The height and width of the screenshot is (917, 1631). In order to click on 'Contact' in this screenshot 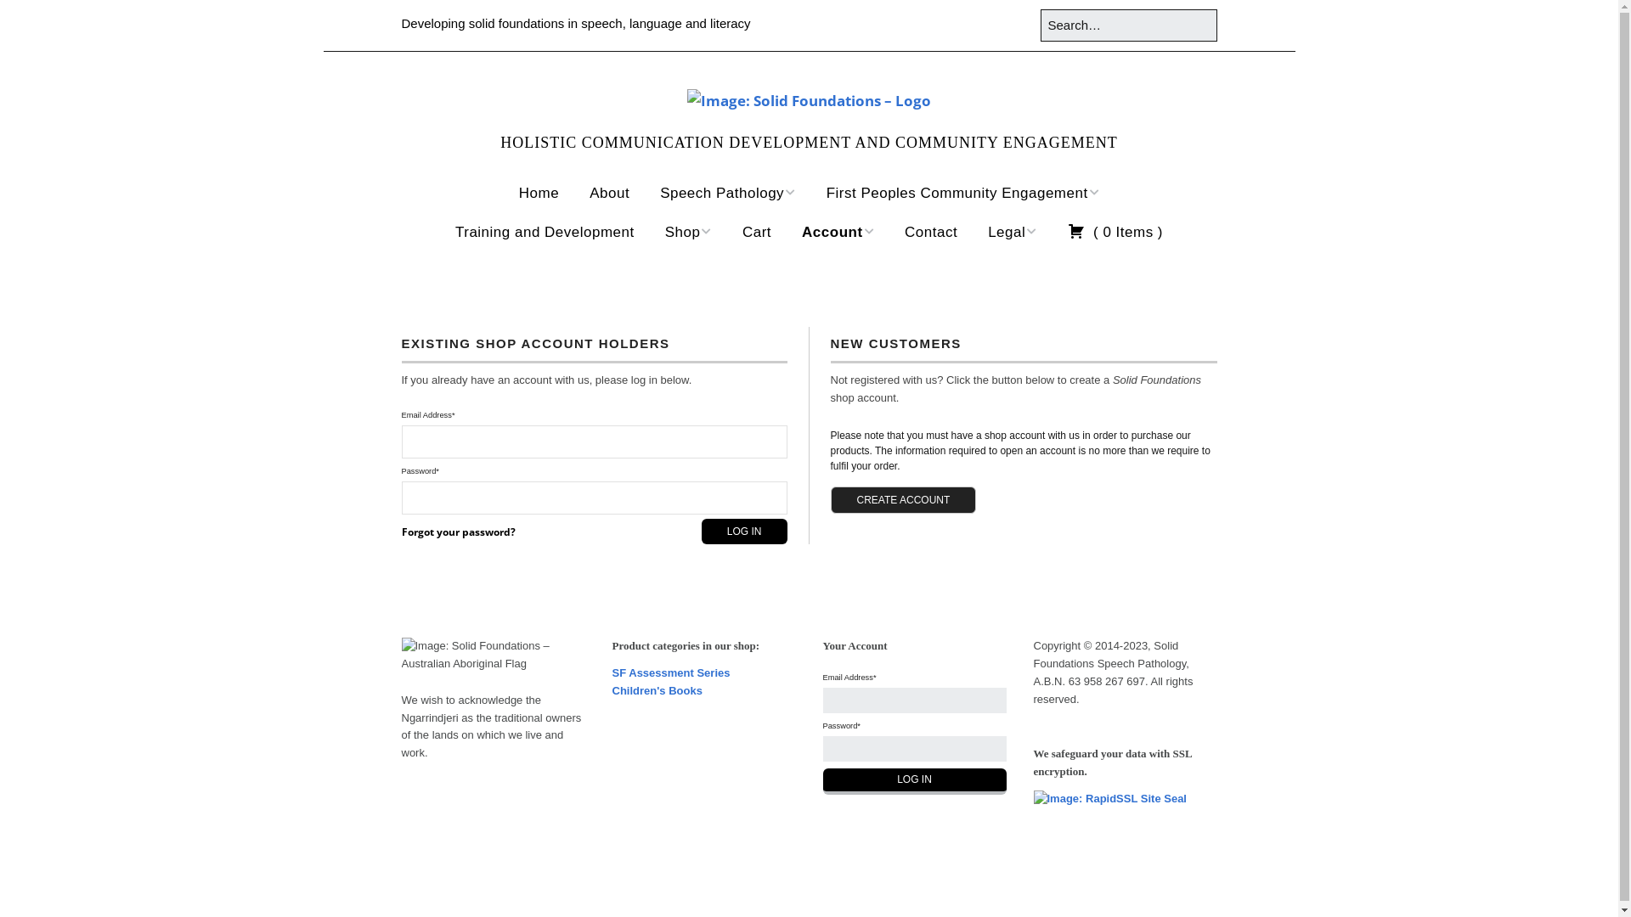, I will do `click(929, 232)`.